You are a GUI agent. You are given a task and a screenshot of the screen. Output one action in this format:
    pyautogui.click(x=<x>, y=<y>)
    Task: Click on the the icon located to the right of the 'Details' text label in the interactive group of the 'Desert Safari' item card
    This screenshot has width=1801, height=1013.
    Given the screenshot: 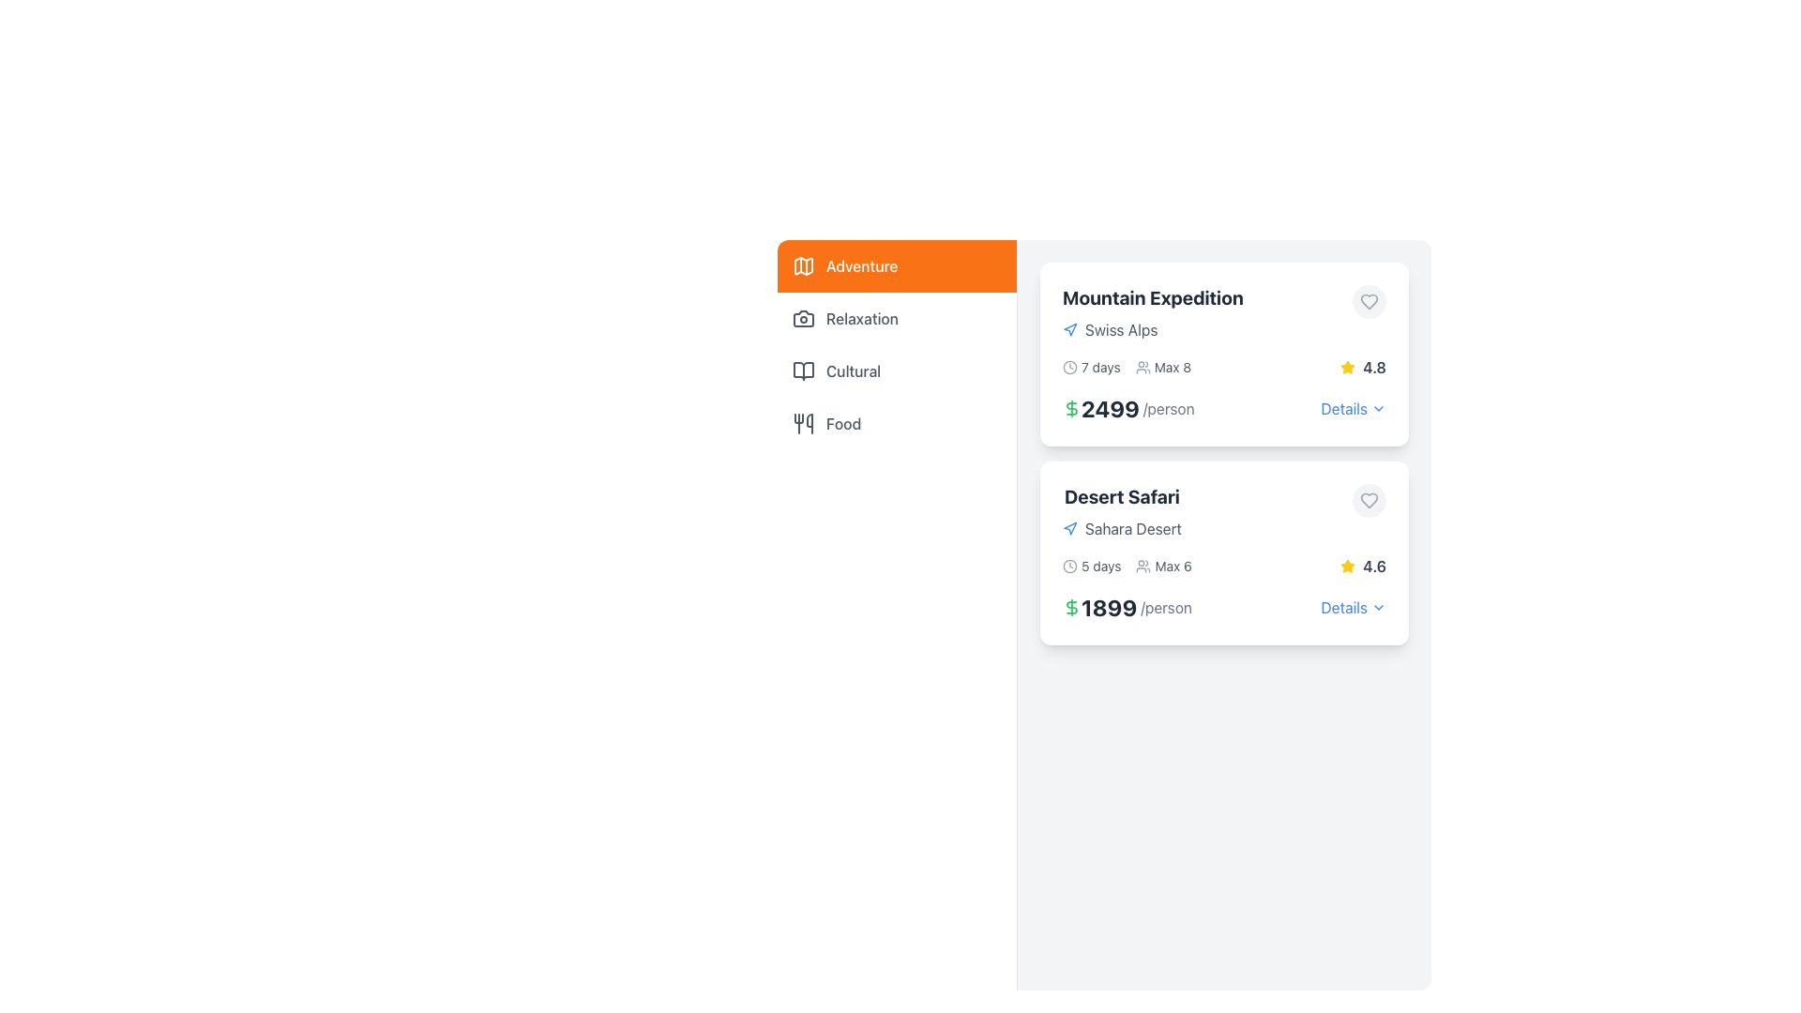 What is the action you would take?
    pyautogui.click(x=1378, y=608)
    